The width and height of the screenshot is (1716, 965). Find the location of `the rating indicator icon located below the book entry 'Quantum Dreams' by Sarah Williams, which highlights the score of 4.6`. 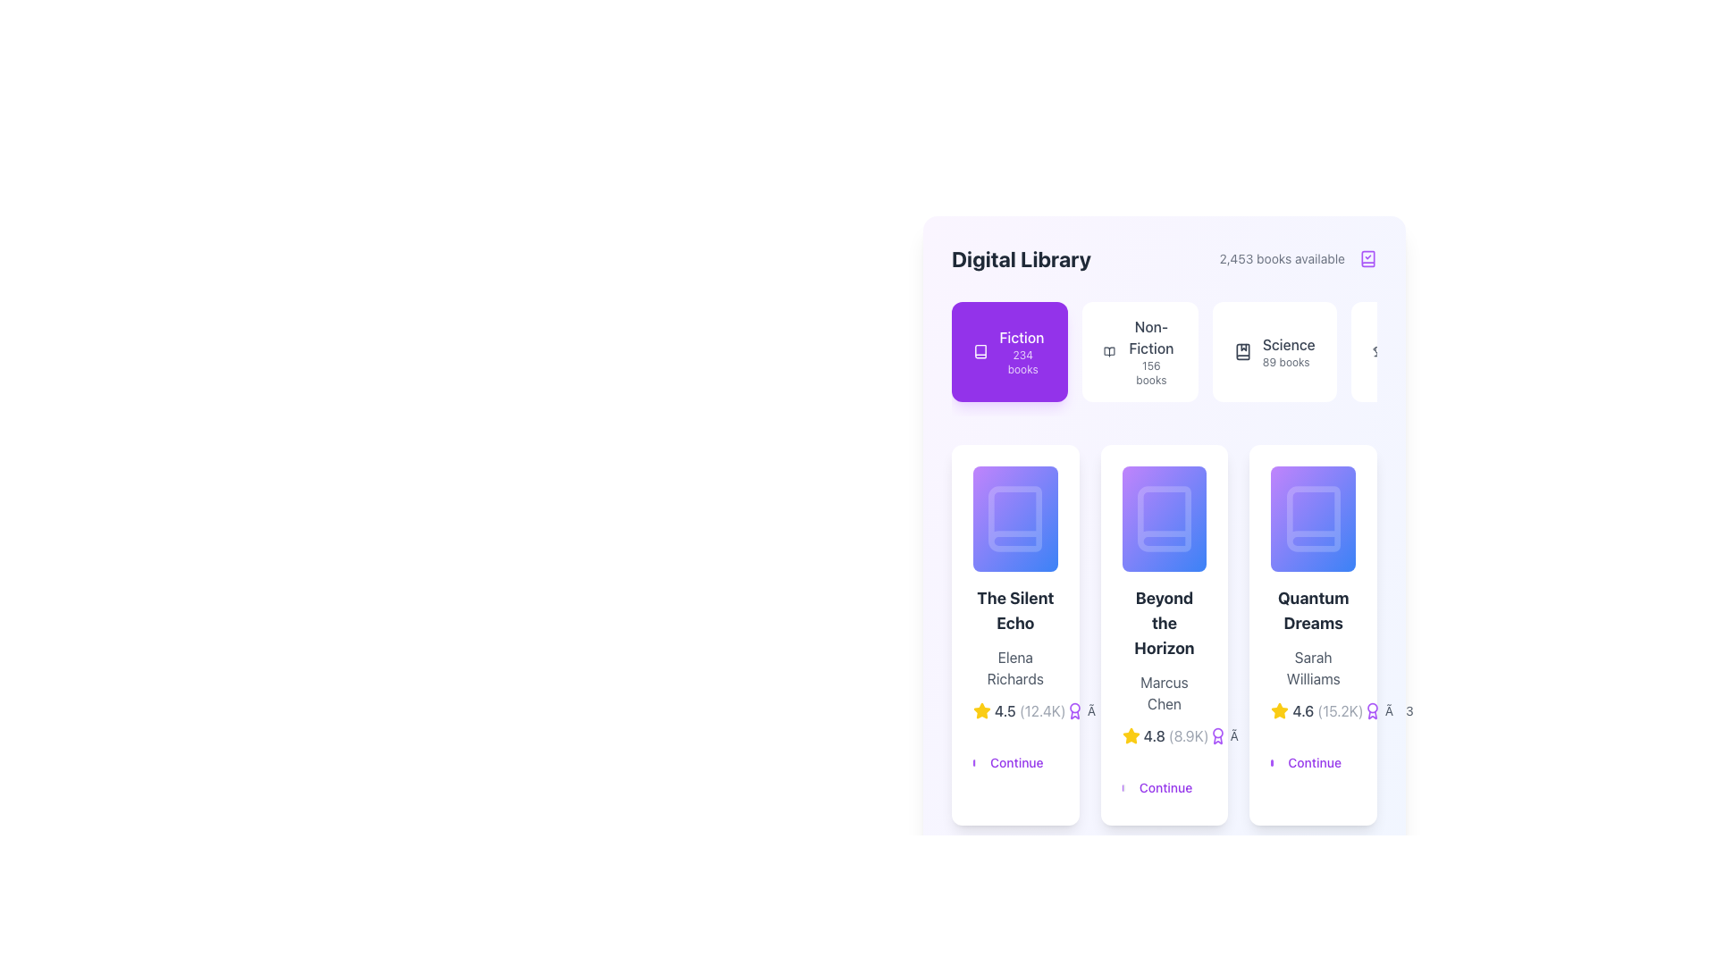

the rating indicator icon located below the book entry 'Quantum Dreams' by Sarah Williams, which highlights the score of 4.6 is located at coordinates (1279, 709).